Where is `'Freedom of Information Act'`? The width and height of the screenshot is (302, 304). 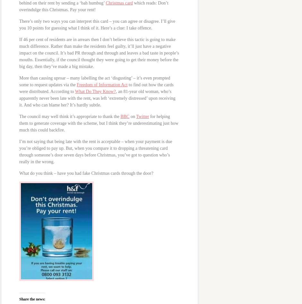 'Freedom of Information Act' is located at coordinates (102, 84).